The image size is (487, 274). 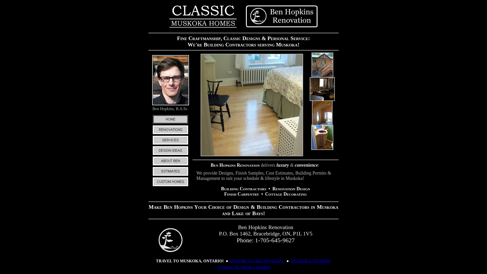 I want to click on 'MOTORCYCLING MUSKOKA', so click(x=257, y=261).